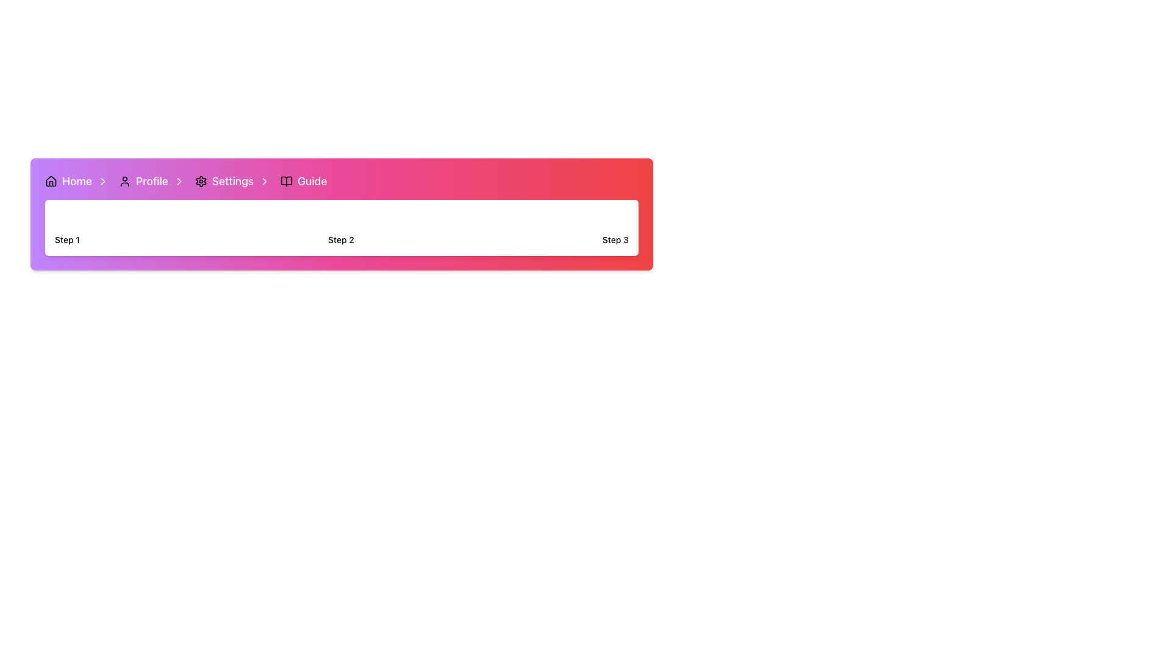  Describe the element at coordinates (50, 181) in the screenshot. I see `the house icon representing the 'Home' button in the navigation` at that location.